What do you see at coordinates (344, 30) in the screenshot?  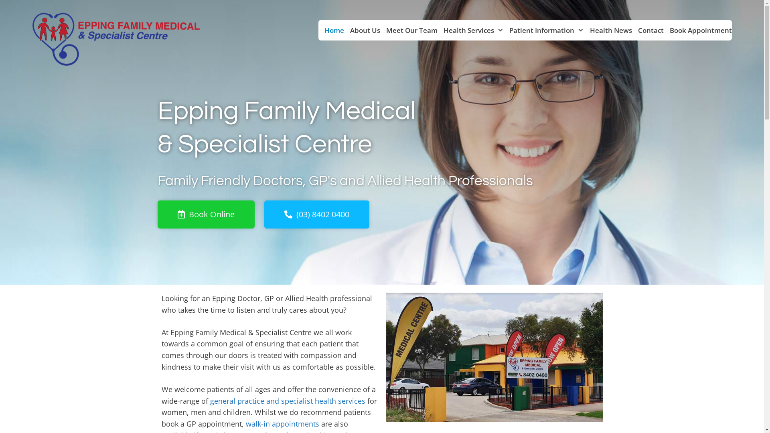 I see `'About Us'` at bounding box center [344, 30].